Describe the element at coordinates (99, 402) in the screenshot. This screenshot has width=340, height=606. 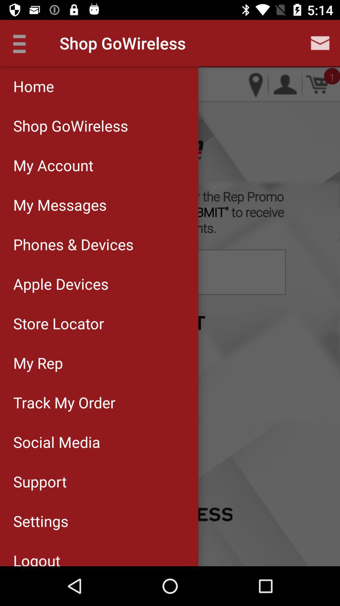
I see `item above social media` at that location.